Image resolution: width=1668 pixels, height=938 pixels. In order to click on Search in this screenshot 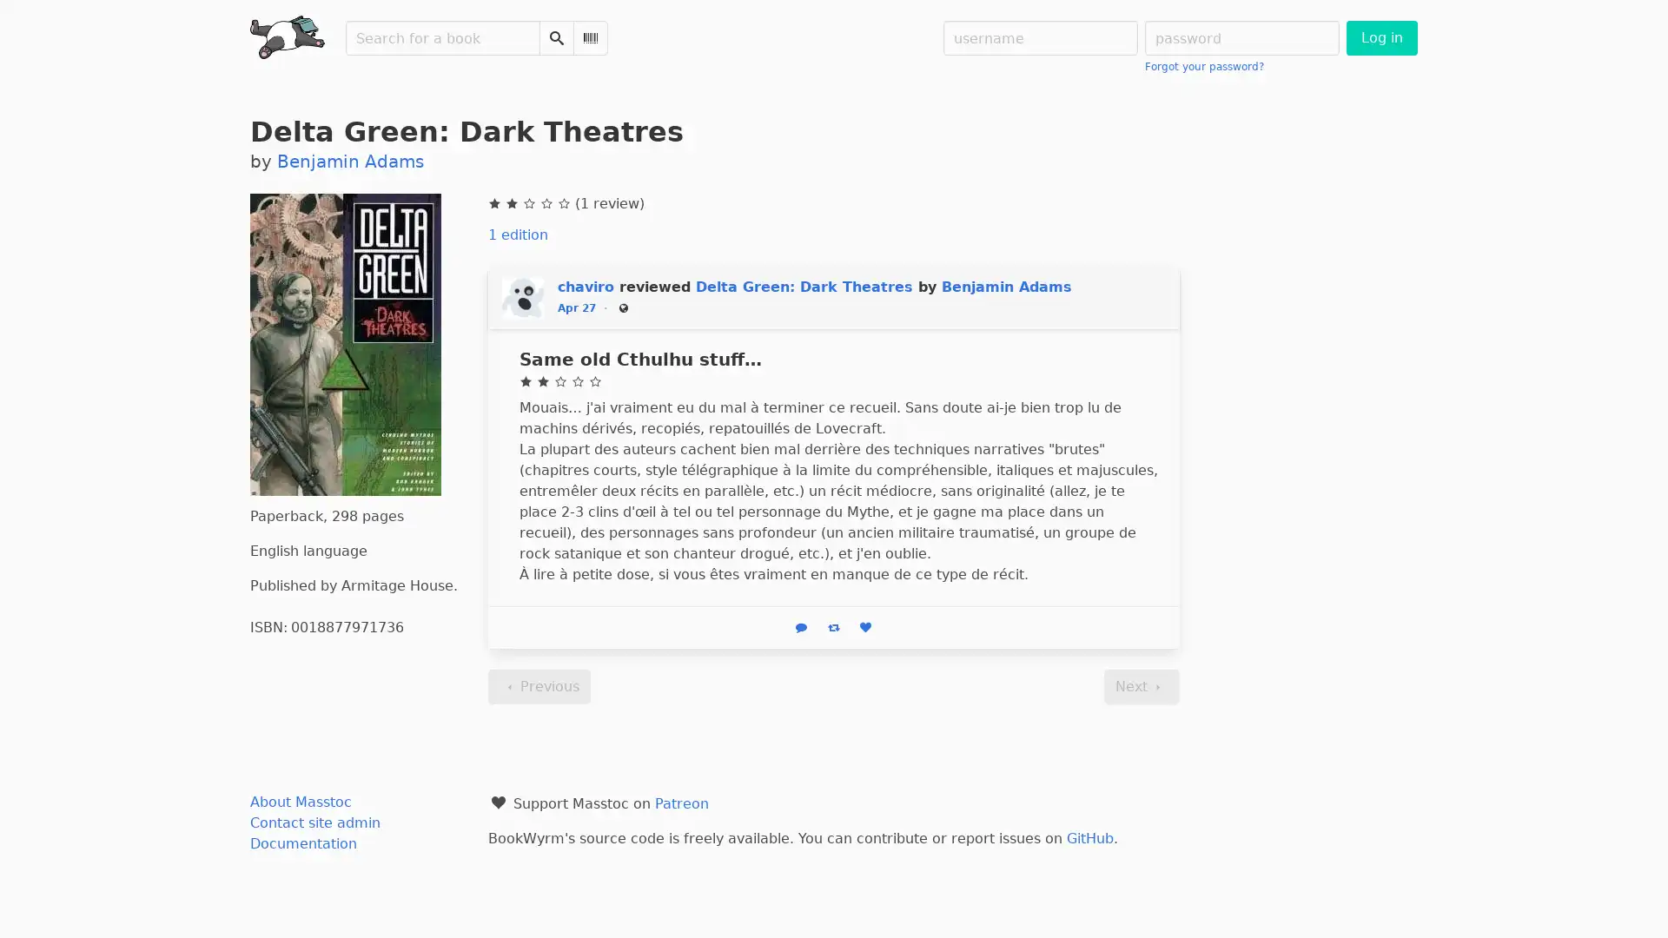, I will do `click(557, 37)`.